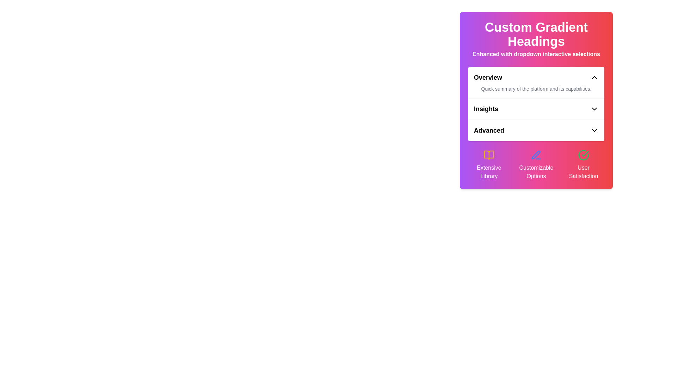 This screenshot has height=381, width=677. I want to click on the graphical icon component representing the 'Extensive Library' feature located in the bottom left section of the gradient-colored panel, so click(489, 155).